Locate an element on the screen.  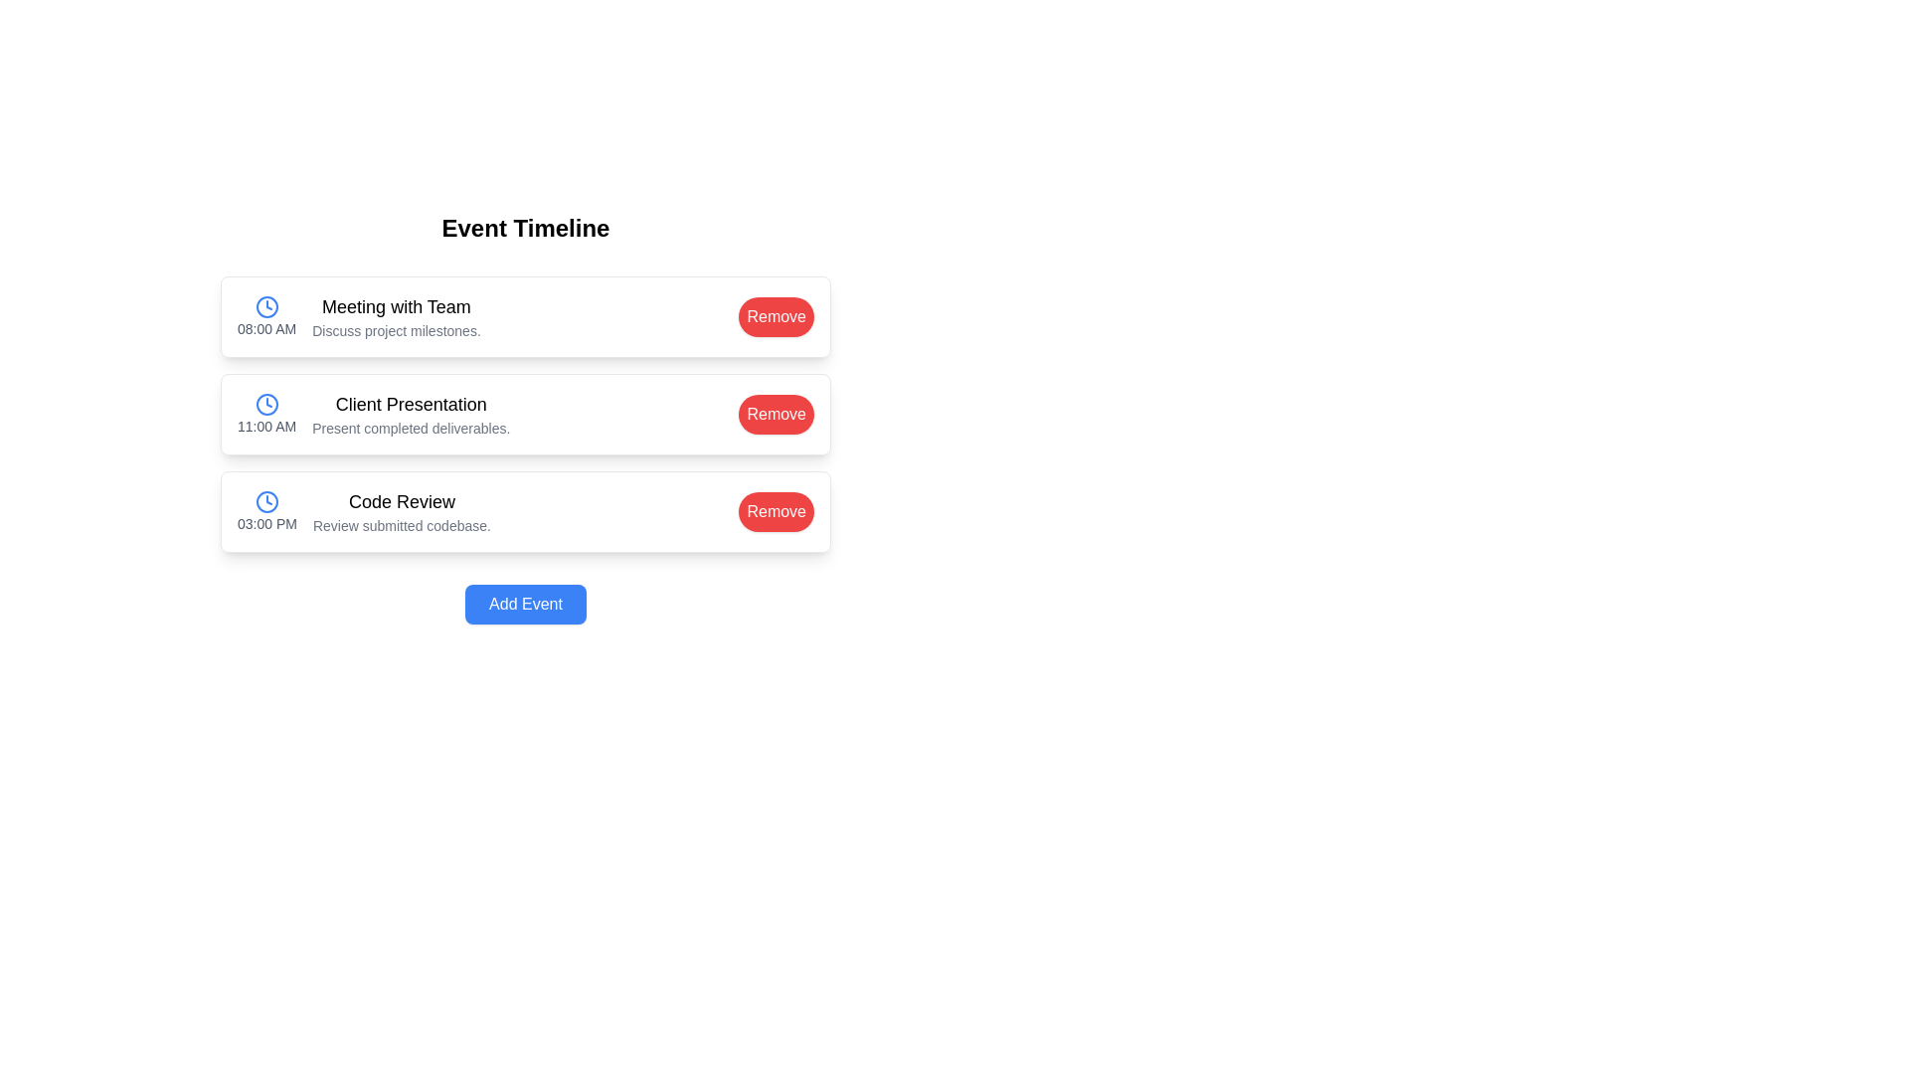
the label containing a blue clock icon and the time '03:00 PM' which is positioned at the start of the 'Code Review' segment of the event timeline is located at coordinates (265, 511).